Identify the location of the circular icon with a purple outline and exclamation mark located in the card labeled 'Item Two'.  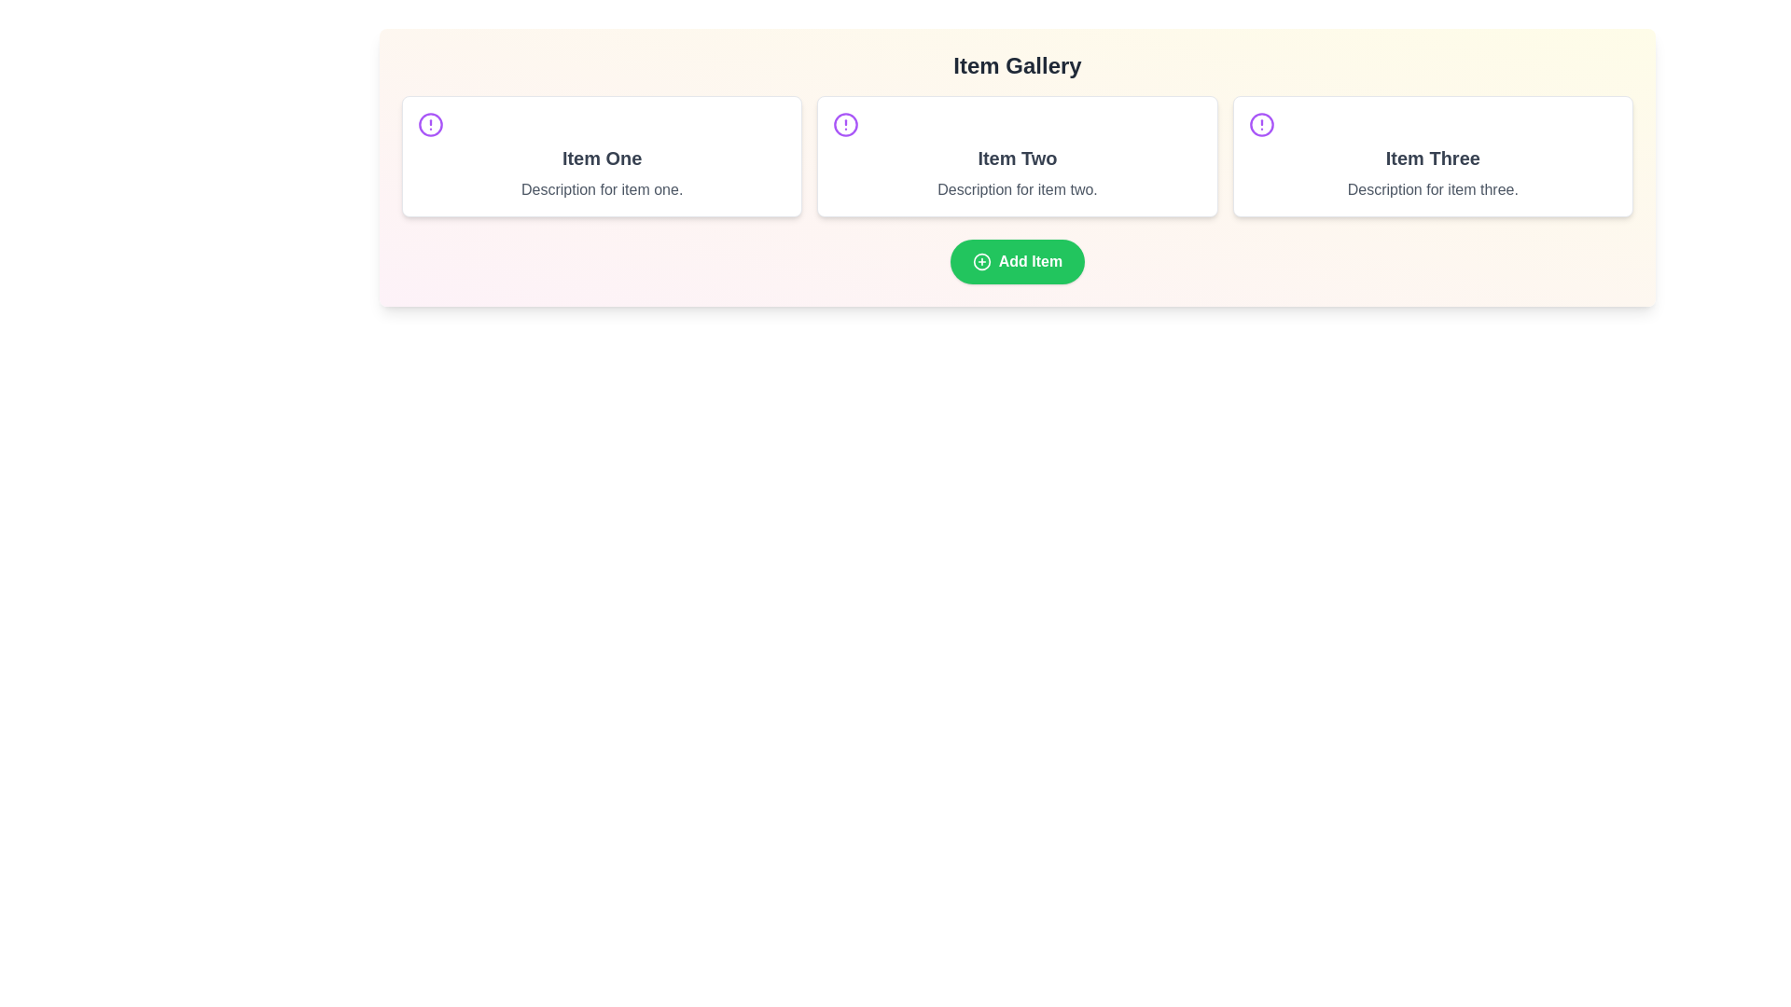
(845, 125).